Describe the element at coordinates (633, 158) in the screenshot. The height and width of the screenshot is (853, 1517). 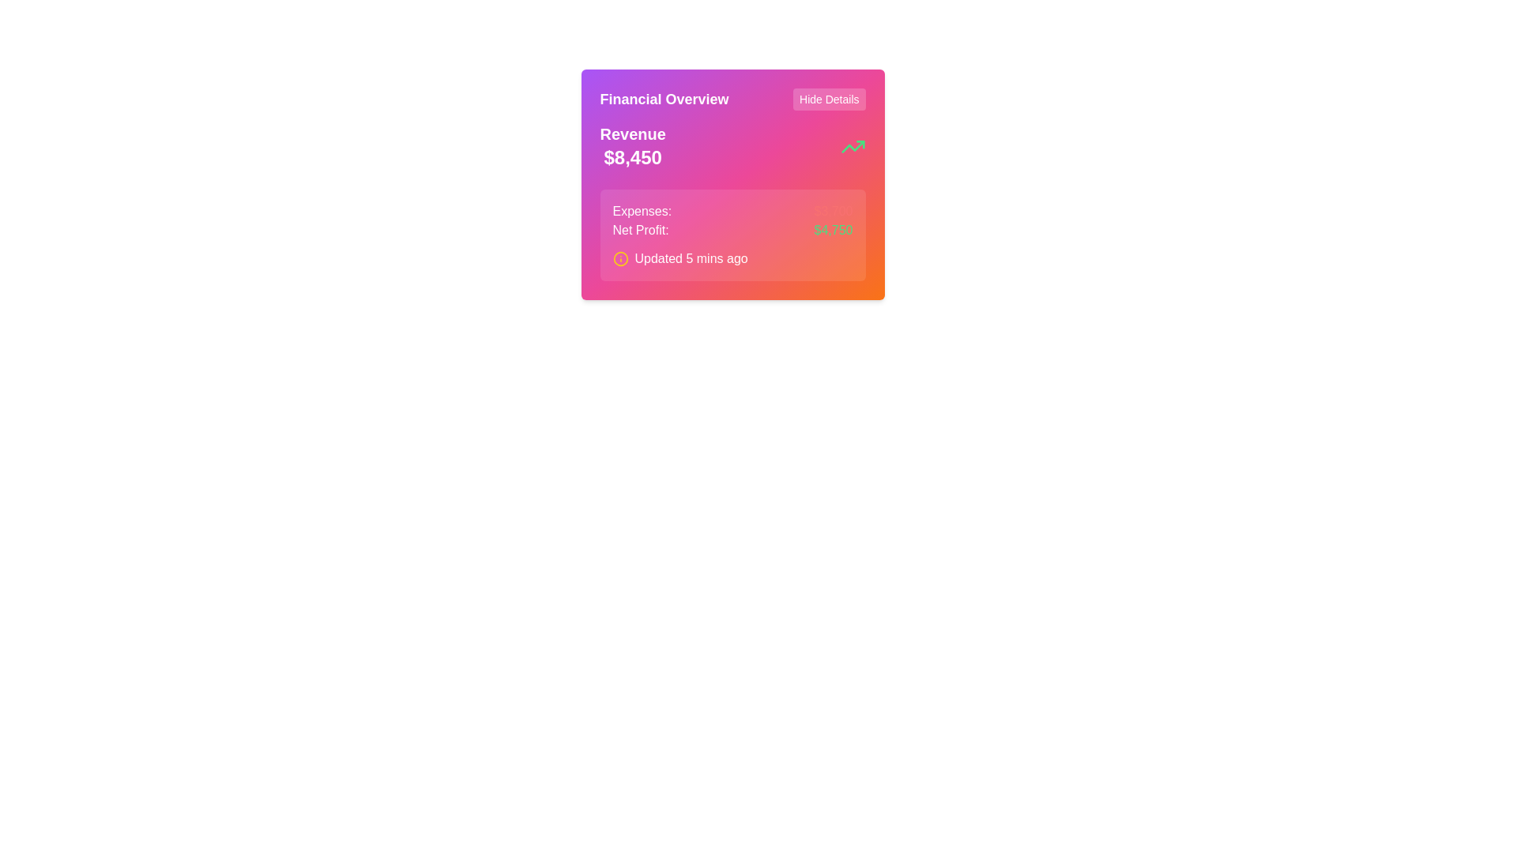
I see `the static text label displaying the revenue amount, which is located below the 'Revenue' label in the 'Financial Overview' card layout` at that location.